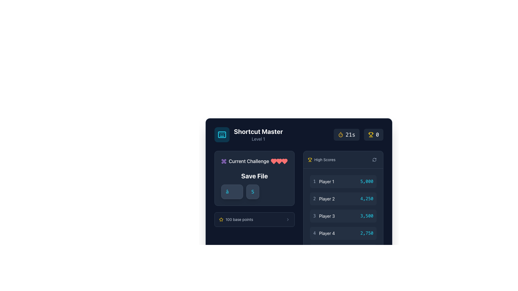 This screenshot has width=518, height=291. I want to click on displayed number '0' from the white monospace text label located in the top-right corner of the interface, beside a small yellow trophy icon, so click(377, 134).